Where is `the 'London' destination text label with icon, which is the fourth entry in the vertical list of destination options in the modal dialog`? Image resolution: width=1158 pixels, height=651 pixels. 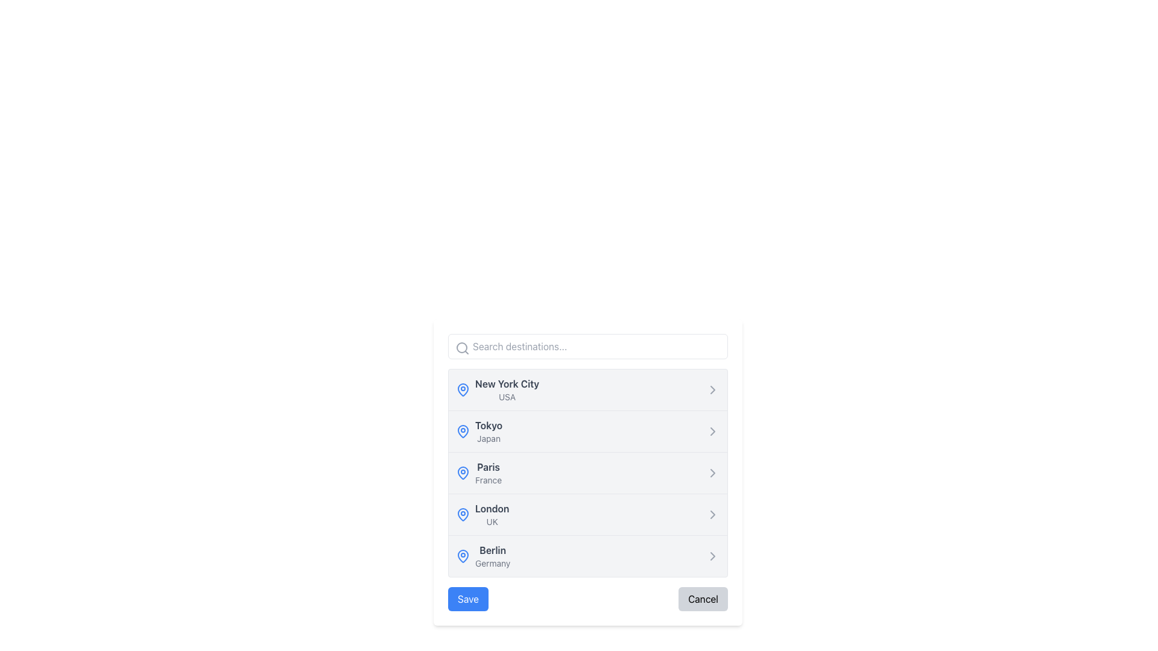
the 'London' destination text label with icon, which is the fourth entry in the vertical list of destination options in the modal dialog is located at coordinates (482, 514).